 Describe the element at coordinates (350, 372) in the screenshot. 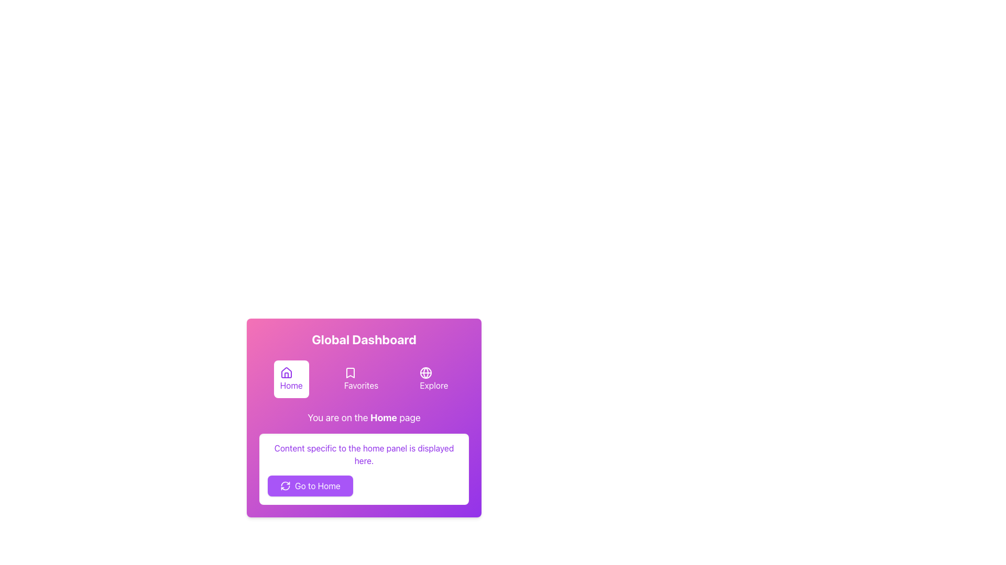

I see `the Favorites icon, which serves as a visual indicator for the Favorites section located above the label 'Favorites.'` at that location.